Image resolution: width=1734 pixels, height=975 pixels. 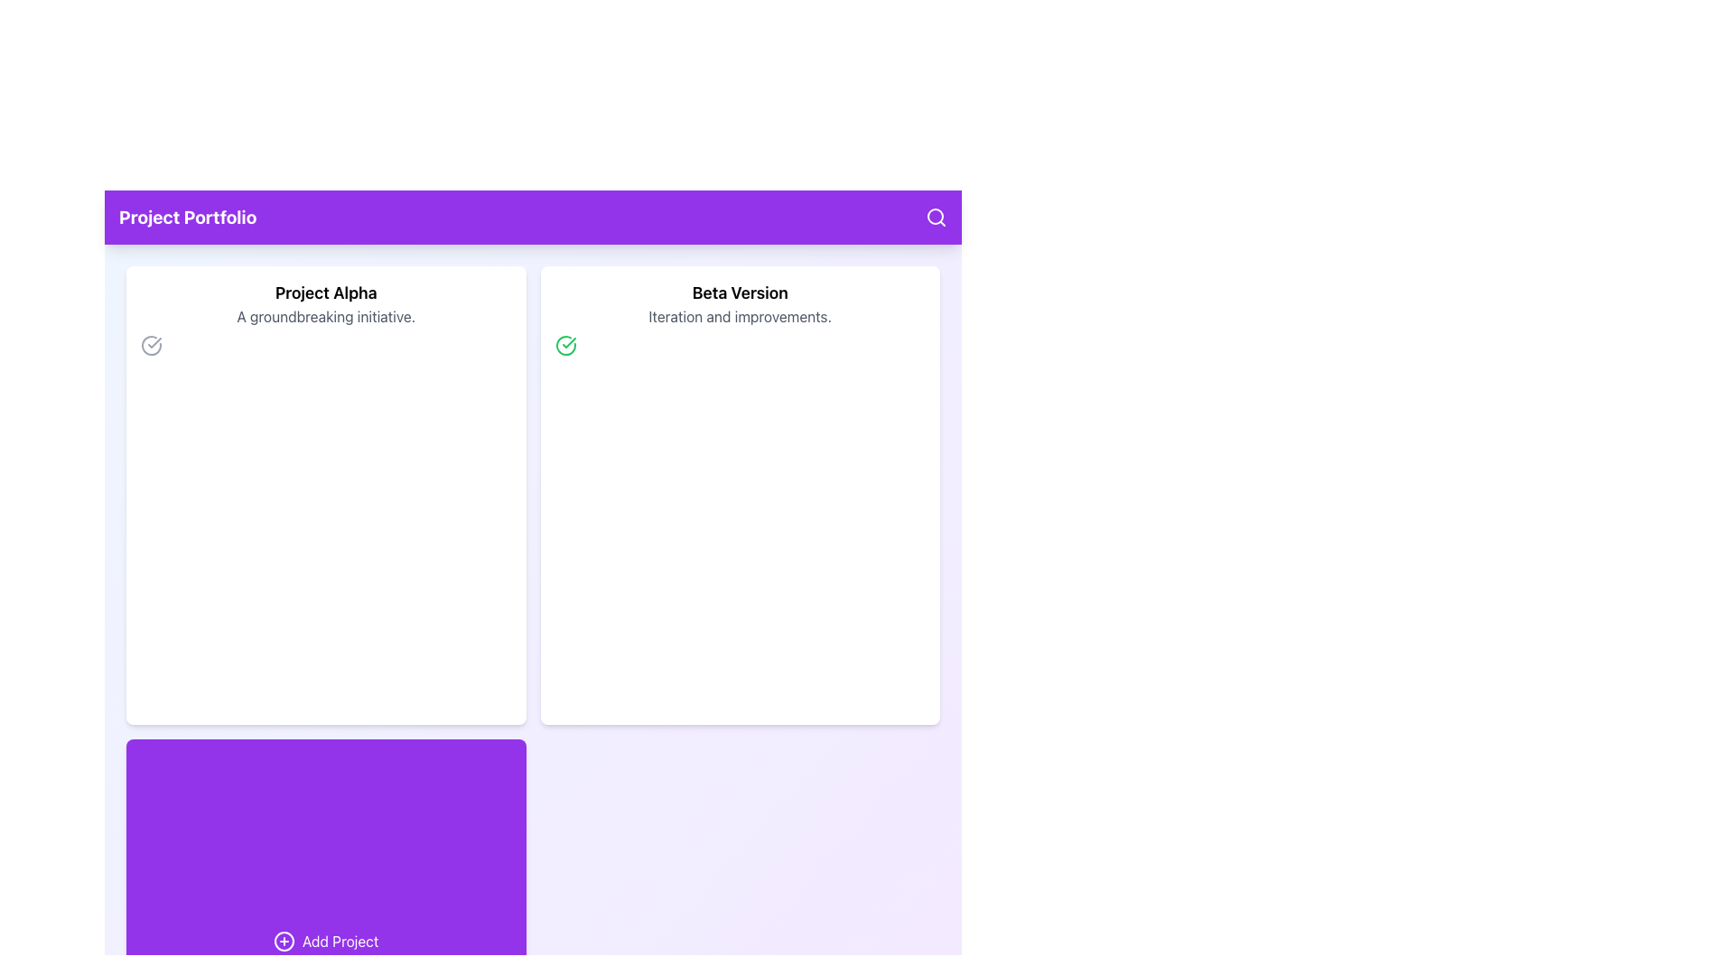 What do you see at coordinates (152, 345) in the screenshot?
I see `the gray SVG icon of a circle containing a checkmark located in the top-left corner of the 'Project Alpha' card for additional details` at bounding box center [152, 345].